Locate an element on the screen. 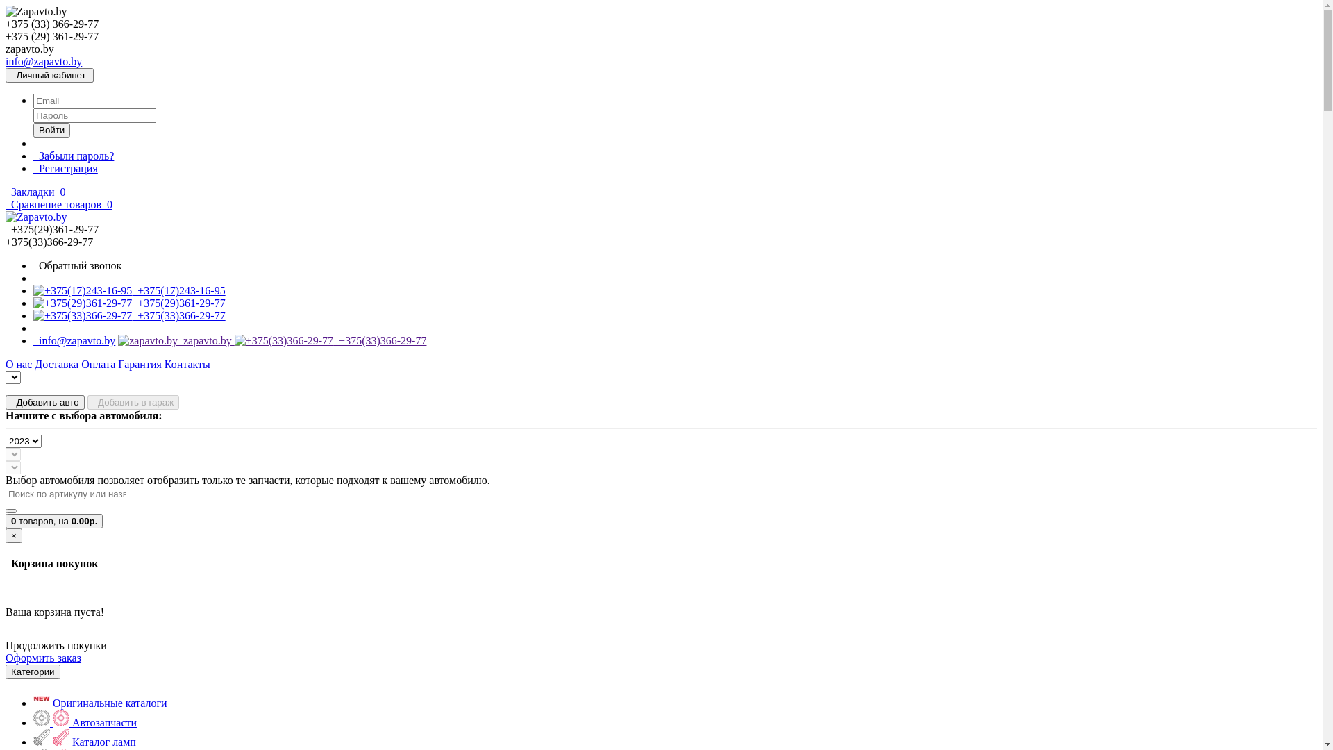 The height and width of the screenshot is (750, 1333). '  +375(33)366-29-77' is located at coordinates (129, 315).